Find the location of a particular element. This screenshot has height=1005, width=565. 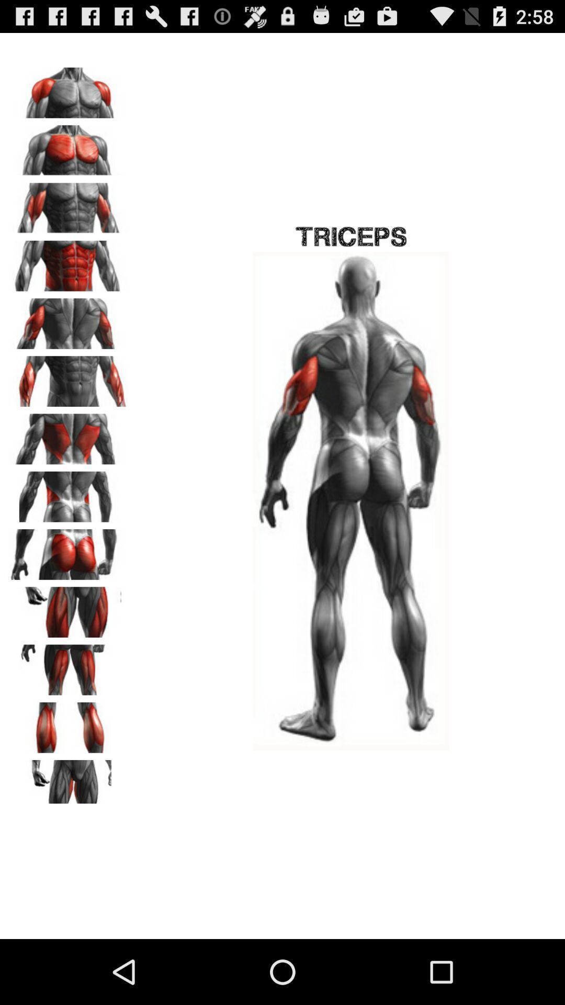

this muscle group is located at coordinates (69, 550).